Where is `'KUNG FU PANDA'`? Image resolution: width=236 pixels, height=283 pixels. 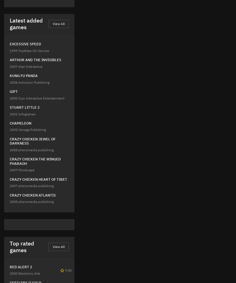 'KUNG FU PANDA' is located at coordinates (24, 76).